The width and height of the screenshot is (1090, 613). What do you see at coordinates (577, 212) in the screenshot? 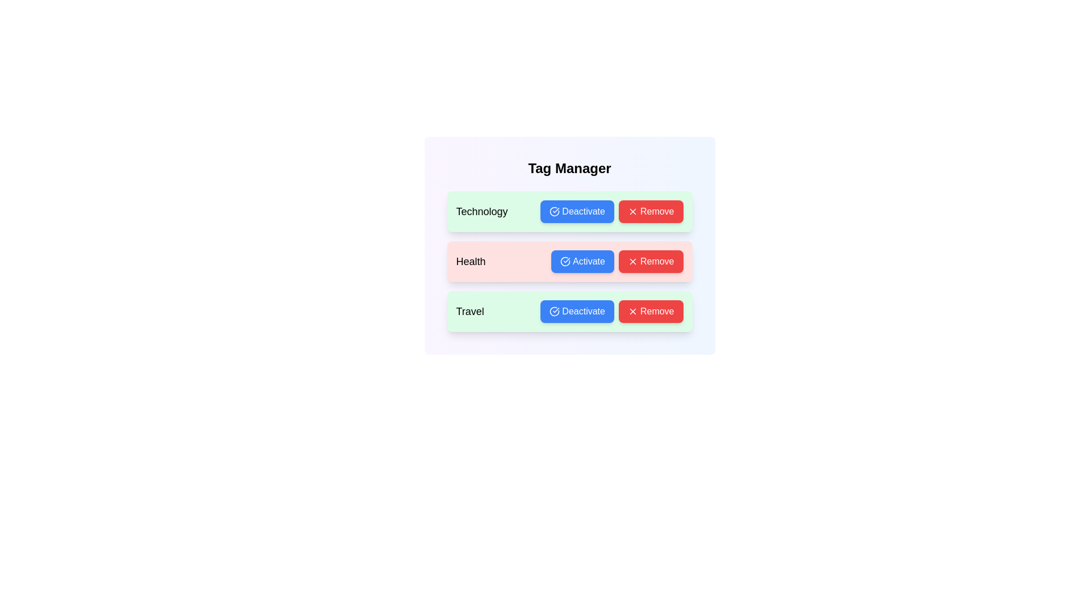
I see `the tag with name Technology` at bounding box center [577, 212].